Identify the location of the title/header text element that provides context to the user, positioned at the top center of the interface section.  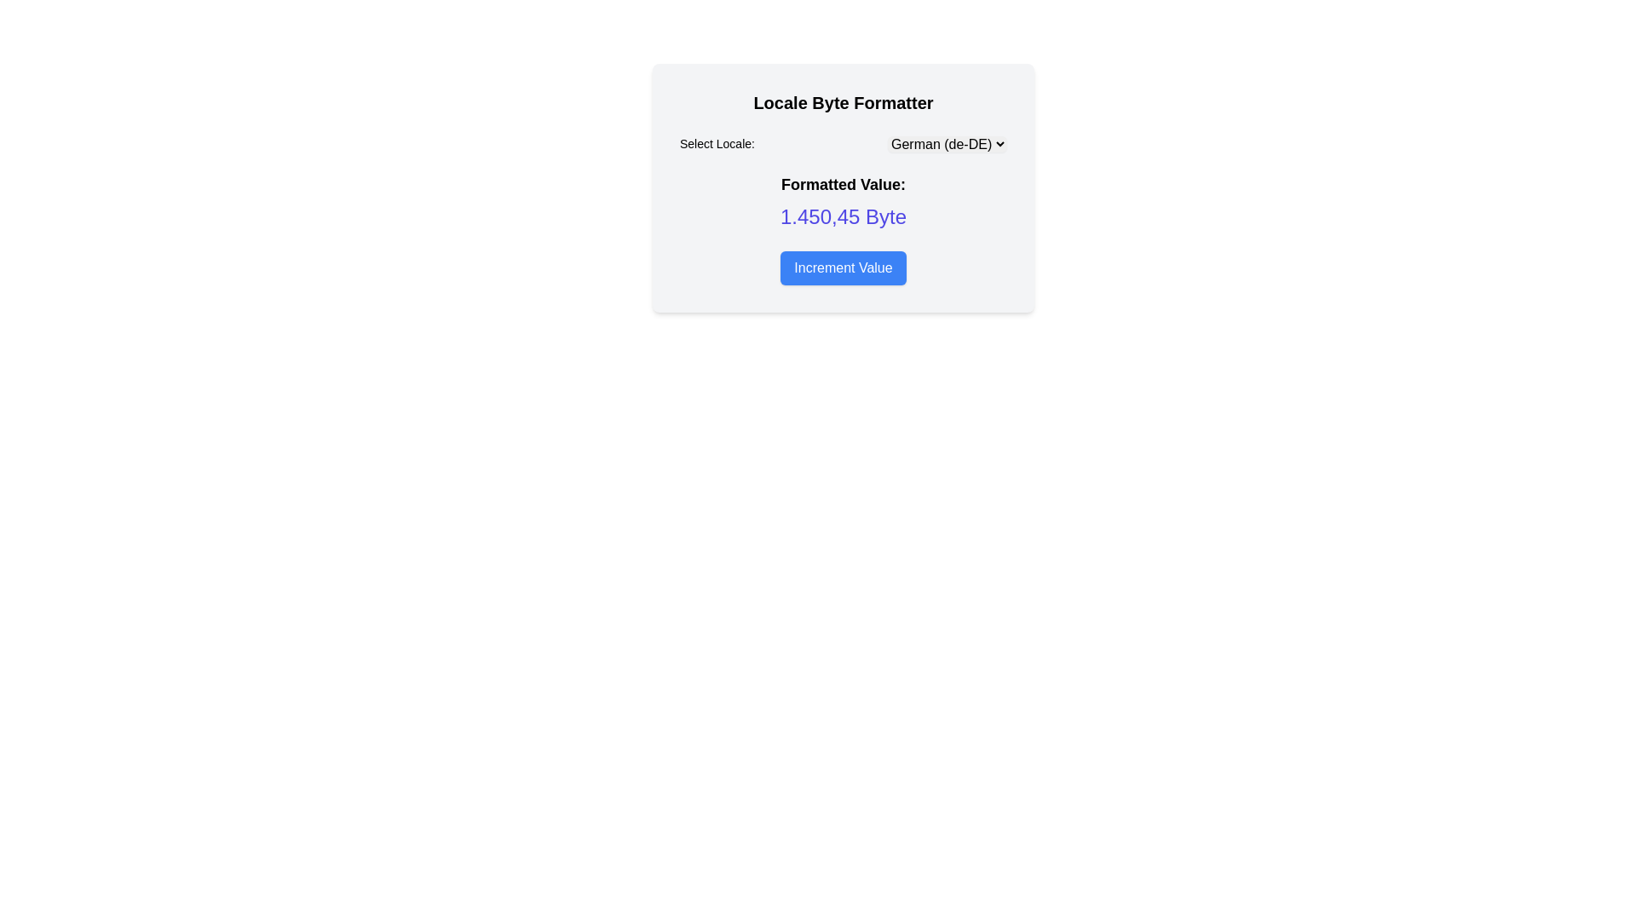
(843, 102).